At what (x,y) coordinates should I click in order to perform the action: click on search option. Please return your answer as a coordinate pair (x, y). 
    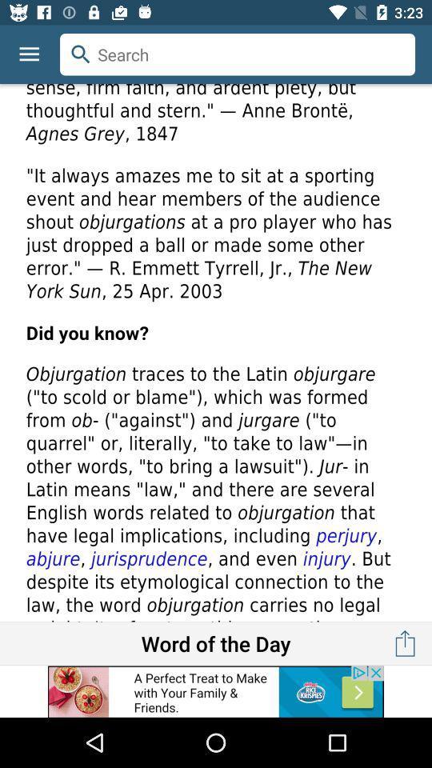
    Looking at the image, I should click on (237, 54).